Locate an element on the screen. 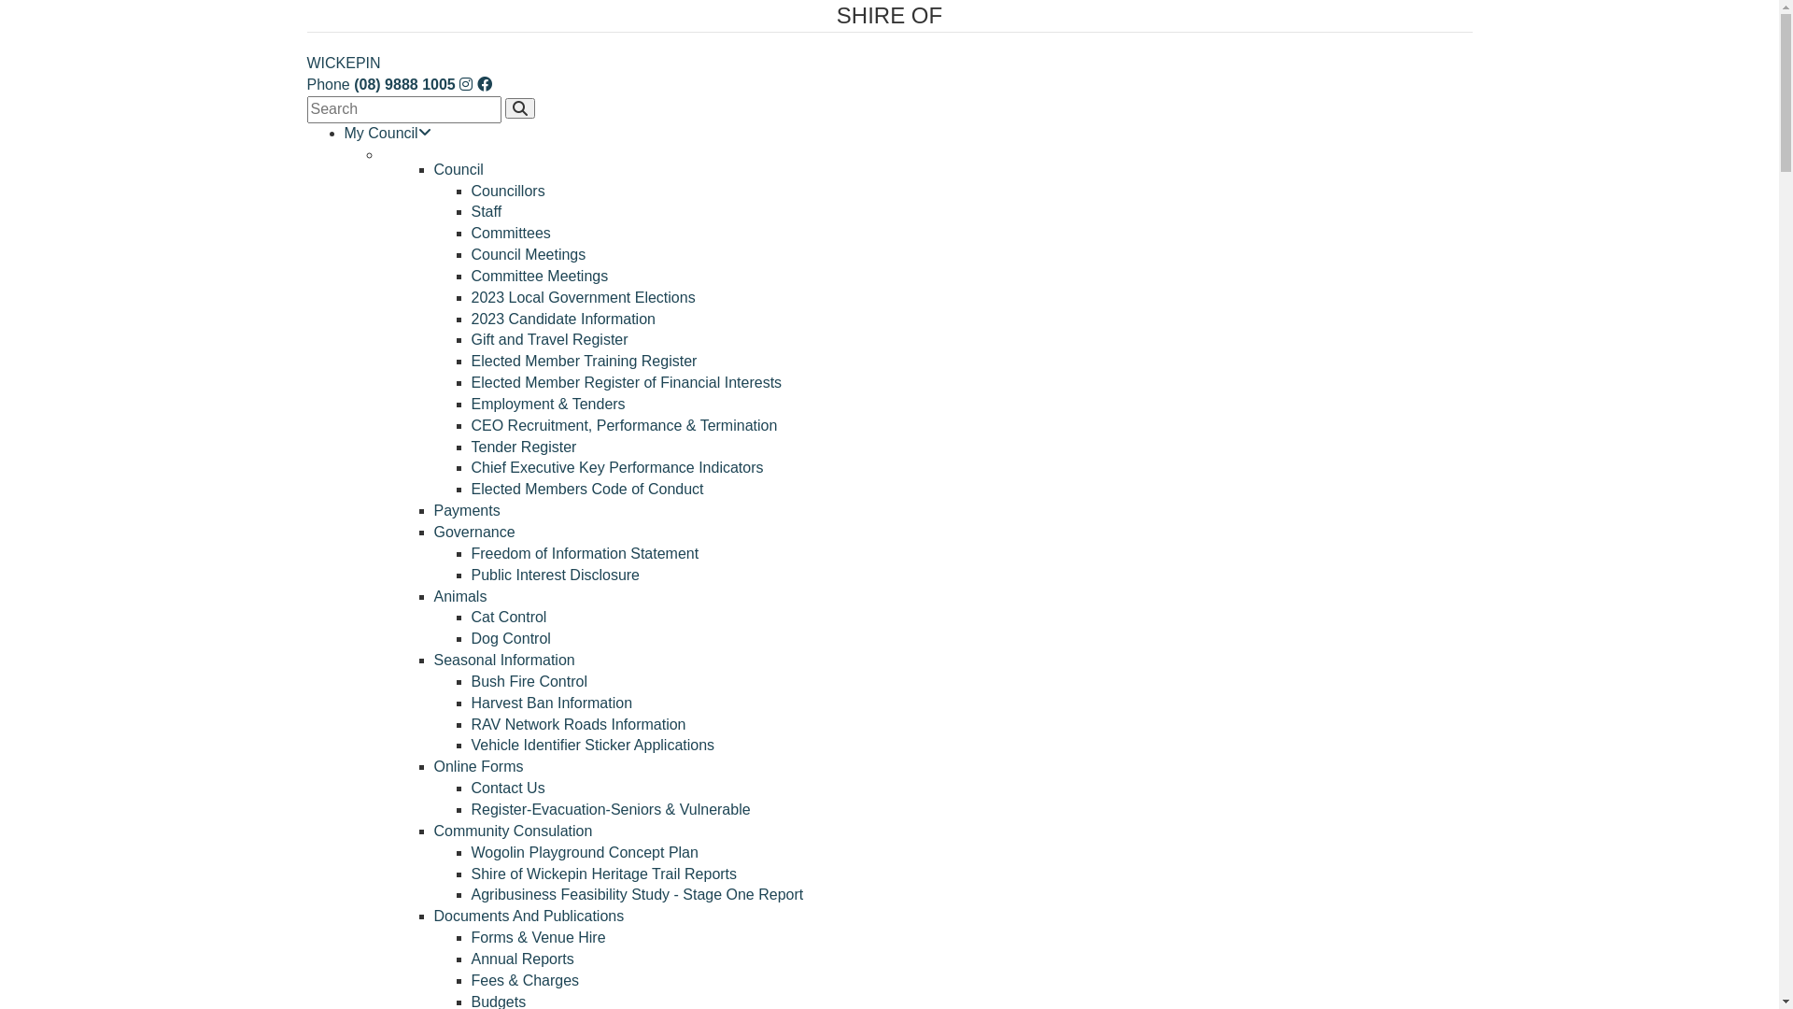  'Gift and Travel Register' is located at coordinates (548, 339).